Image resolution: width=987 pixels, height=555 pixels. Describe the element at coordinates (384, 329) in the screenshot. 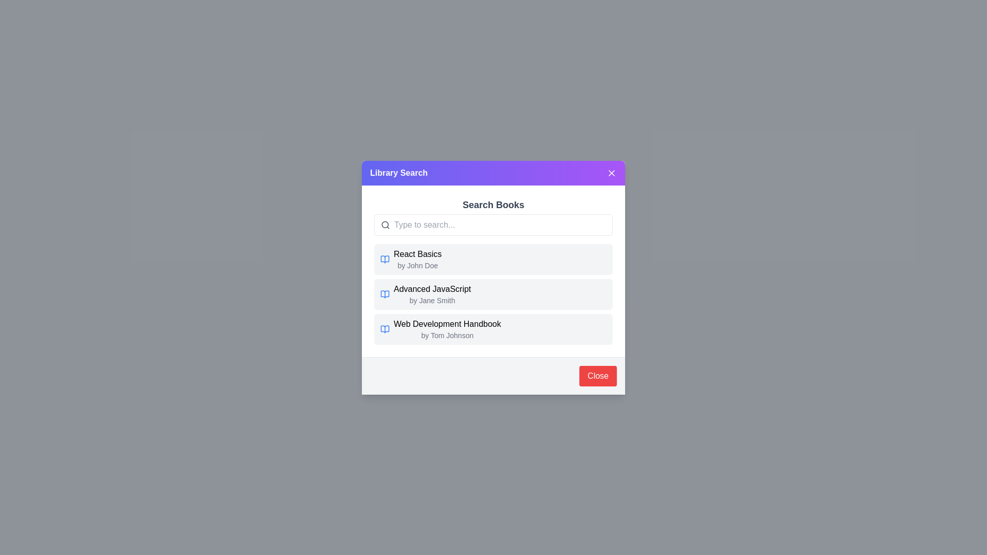

I see `the open book icon associated with the 'Web Development Handbook' list item, which is aligned to the left of the text content` at that location.